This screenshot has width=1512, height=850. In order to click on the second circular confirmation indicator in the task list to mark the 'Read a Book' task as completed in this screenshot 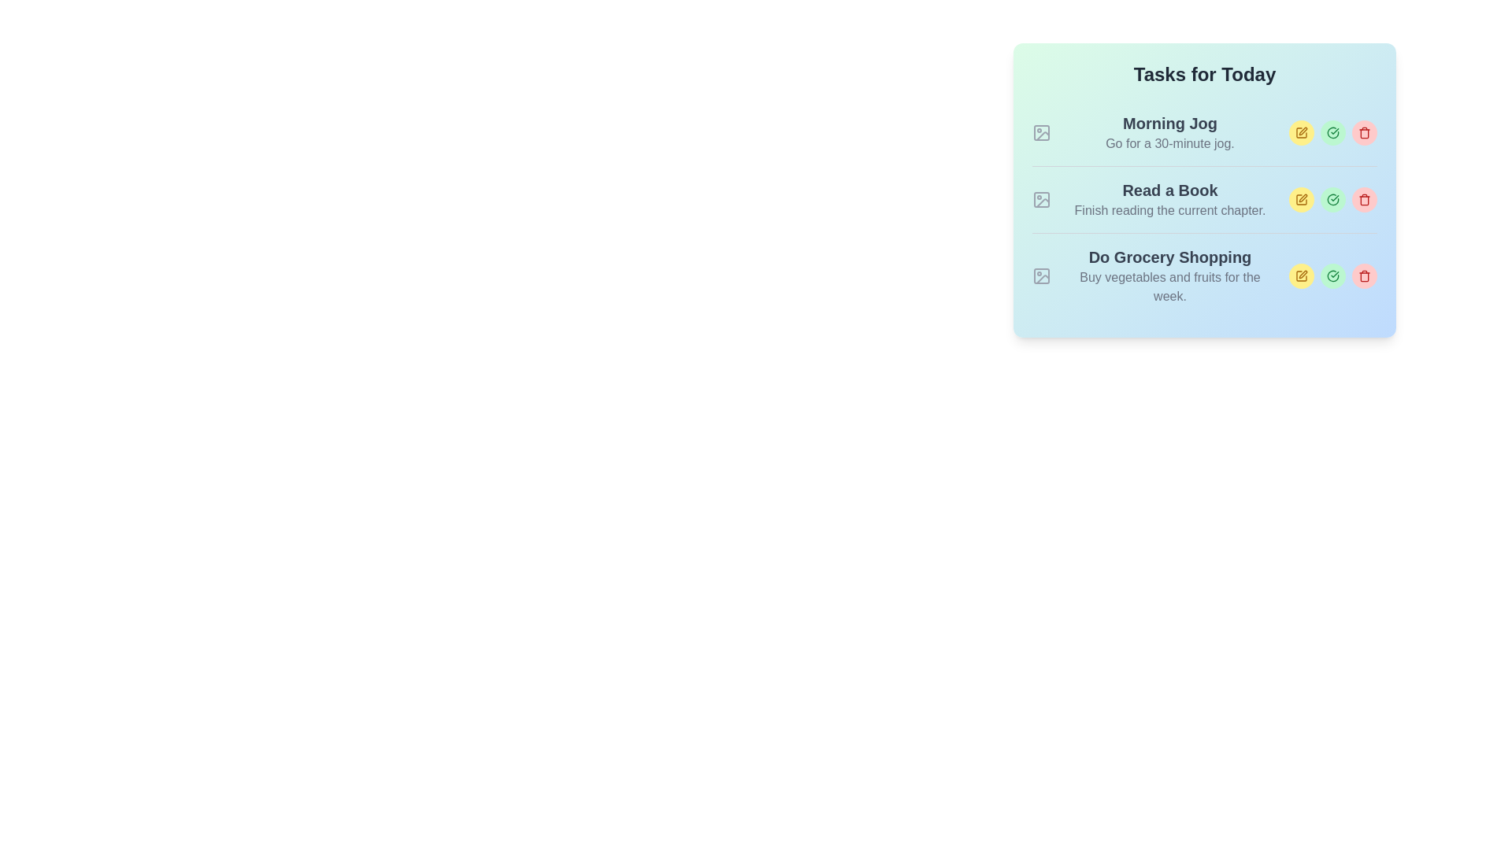, I will do `click(1332, 199)`.